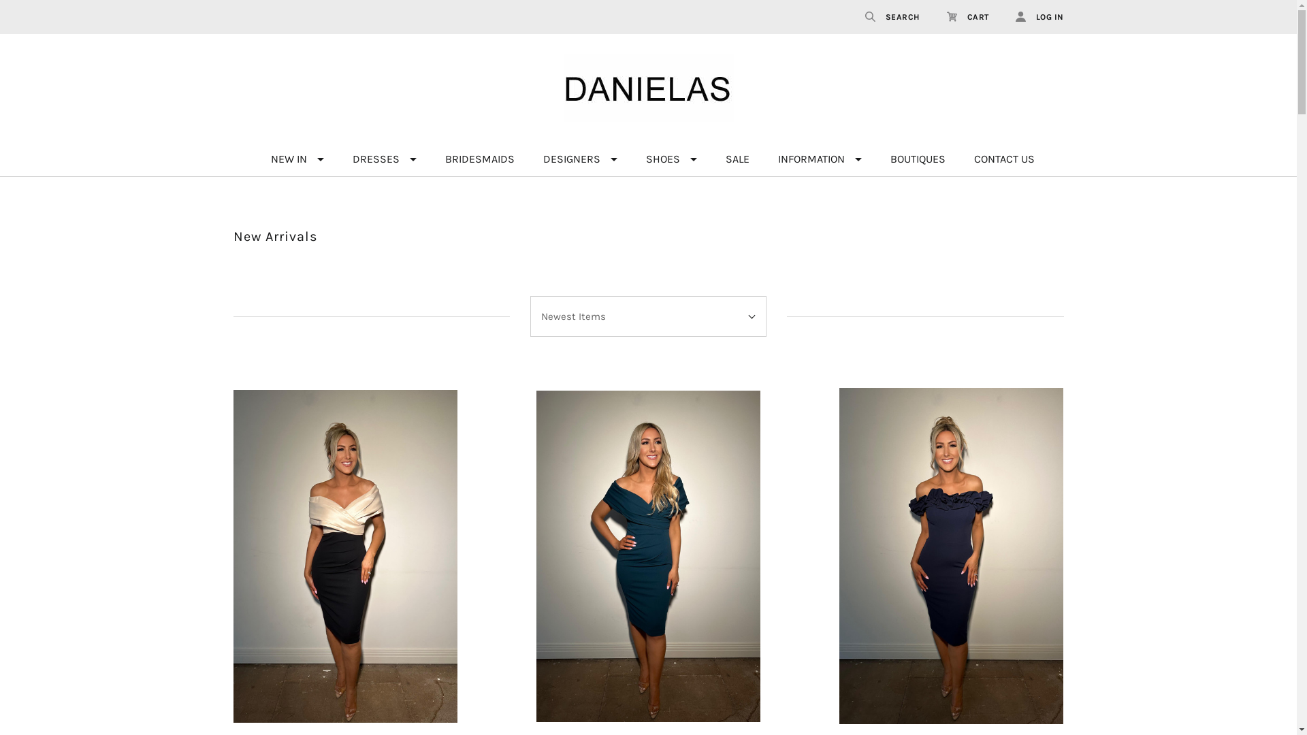 Image resolution: width=1307 pixels, height=735 pixels. I want to click on 'SEARCH', so click(892, 16).